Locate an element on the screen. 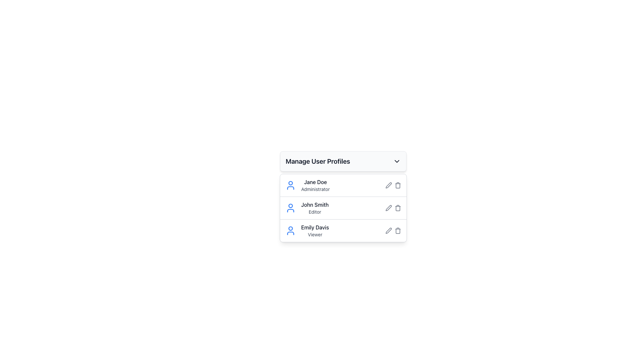 The height and width of the screenshot is (355, 632). the trash bin icon button located in the last row of the user list, adjacent to Emily Davis is located at coordinates (398, 230).